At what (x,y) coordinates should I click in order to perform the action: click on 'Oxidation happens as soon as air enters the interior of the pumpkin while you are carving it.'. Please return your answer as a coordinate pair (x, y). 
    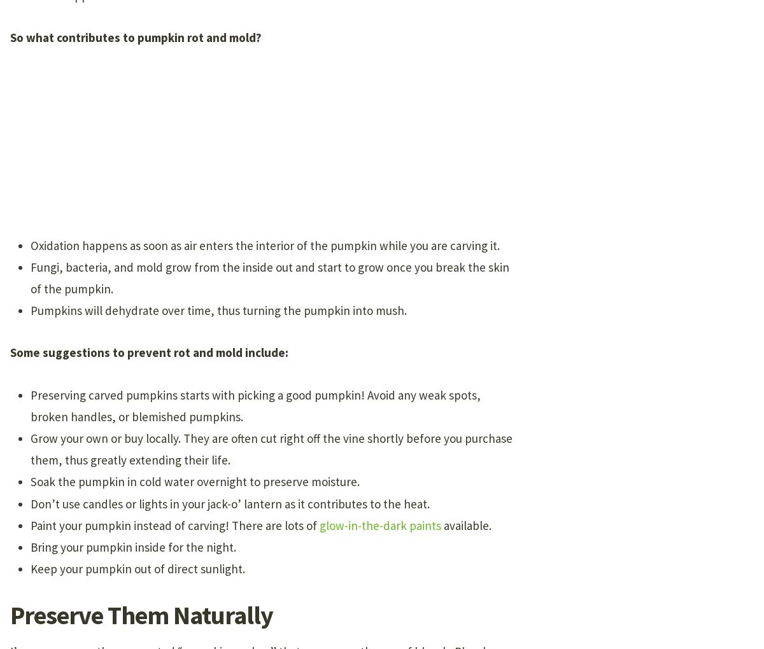
    Looking at the image, I should click on (265, 245).